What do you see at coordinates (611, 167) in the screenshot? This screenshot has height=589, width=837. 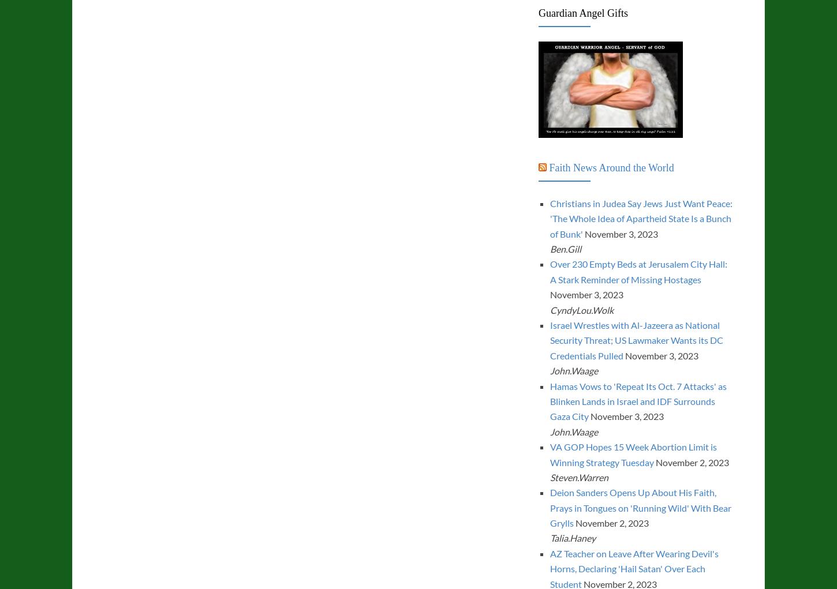 I see `'Faith News Around the World'` at bounding box center [611, 167].